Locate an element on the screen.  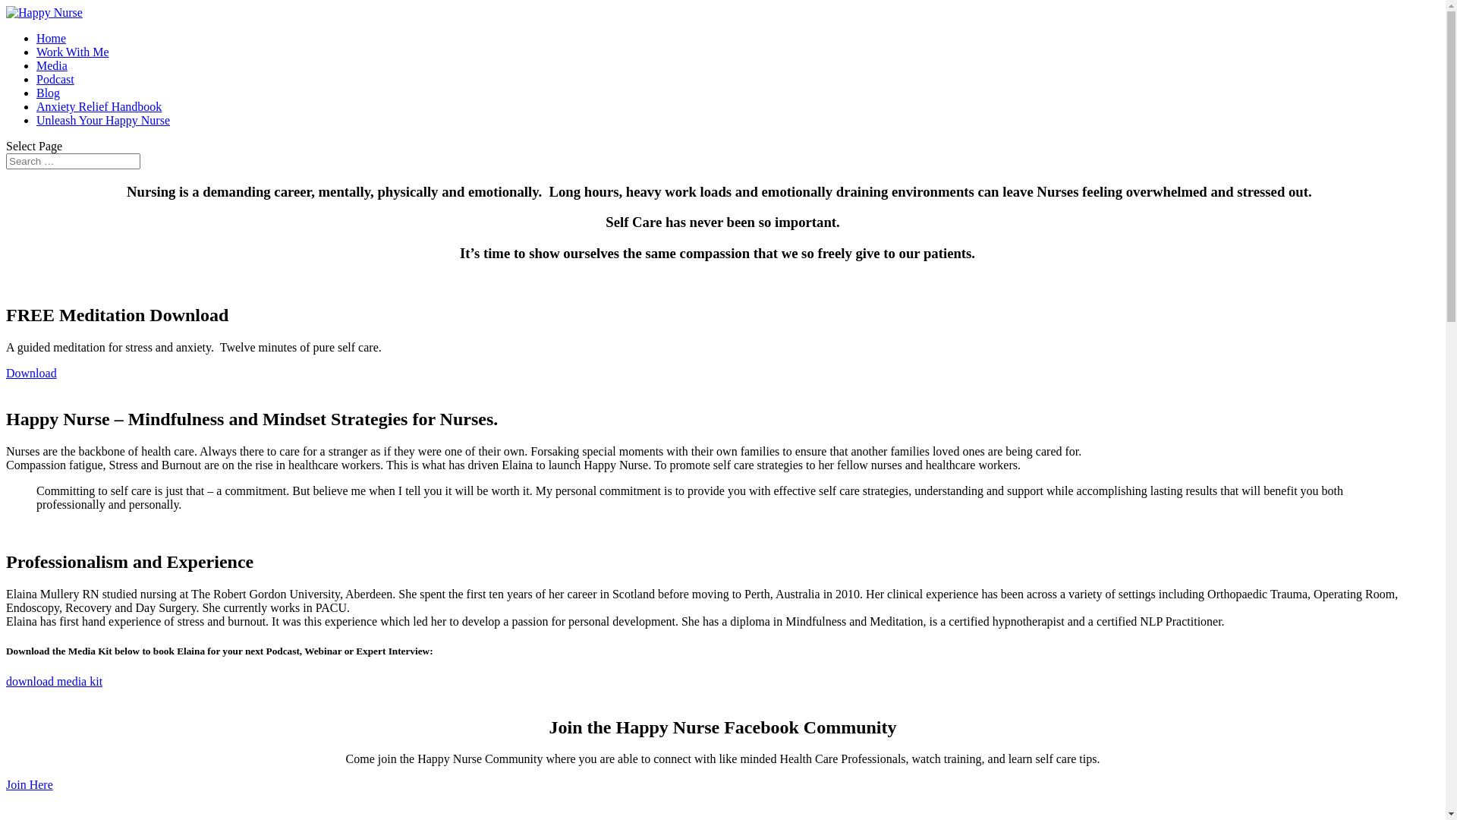
'Search for:' is located at coordinates (6, 161).